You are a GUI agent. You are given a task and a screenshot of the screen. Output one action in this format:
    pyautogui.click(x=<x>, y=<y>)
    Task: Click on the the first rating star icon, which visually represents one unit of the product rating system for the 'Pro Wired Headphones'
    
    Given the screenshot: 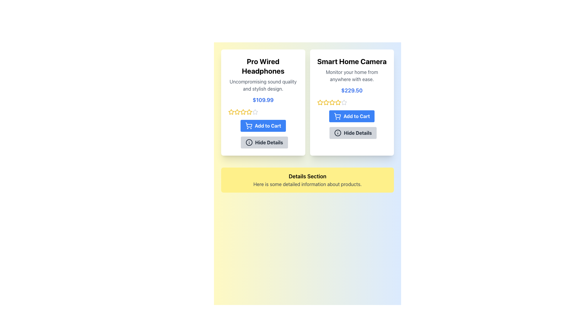 What is the action you would take?
    pyautogui.click(x=231, y=112)
    